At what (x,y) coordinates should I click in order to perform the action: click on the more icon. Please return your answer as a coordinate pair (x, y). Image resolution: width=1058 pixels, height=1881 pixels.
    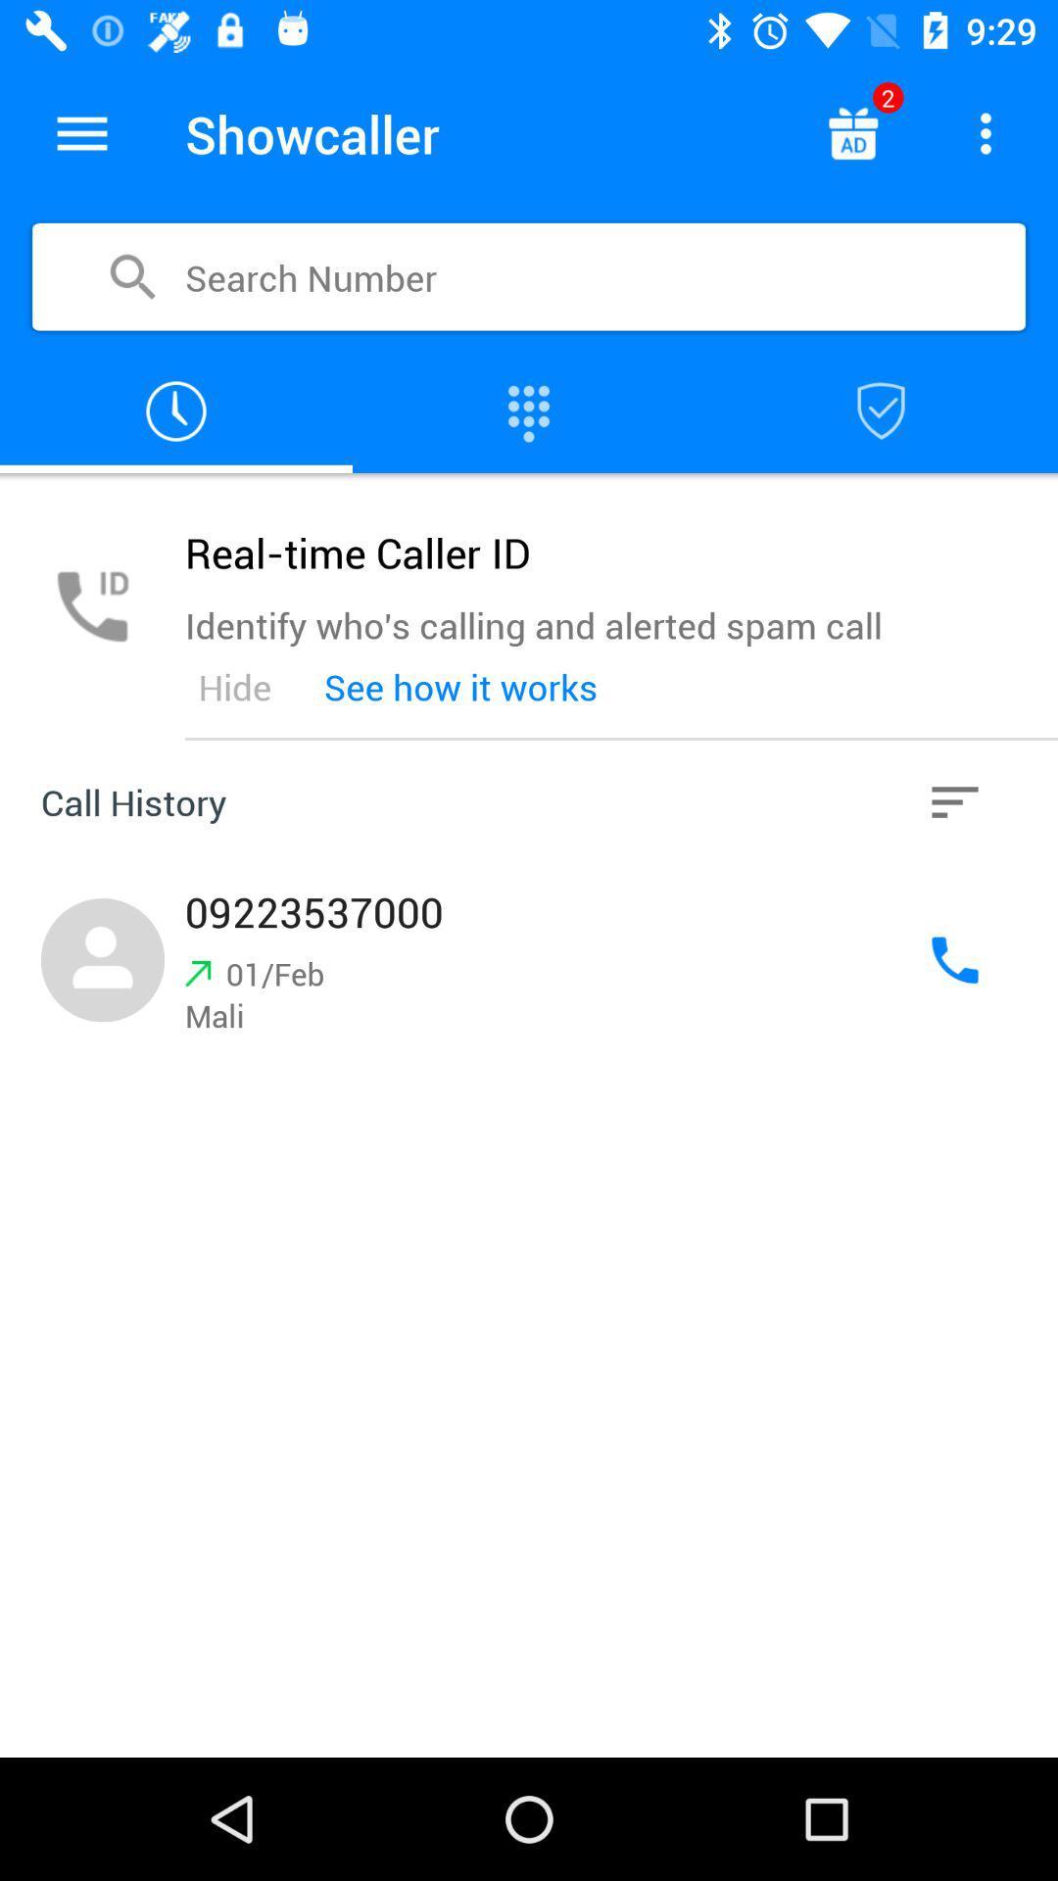
    Looking at the image, I should click on (986, 132).